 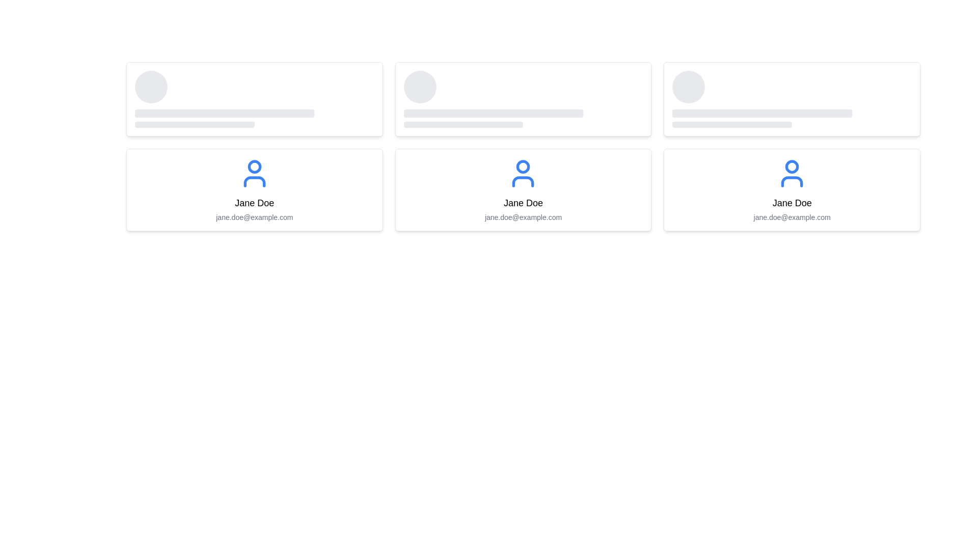 What do you see at coordinates (523, 99) in the screenshot?
I see `the second card in the first row of the grid layout, which has a white background, a border, and a drop shadow, featuring a circular placeholder at the top left and two horizontal gray bars below it` at bounding box center [523, 99].